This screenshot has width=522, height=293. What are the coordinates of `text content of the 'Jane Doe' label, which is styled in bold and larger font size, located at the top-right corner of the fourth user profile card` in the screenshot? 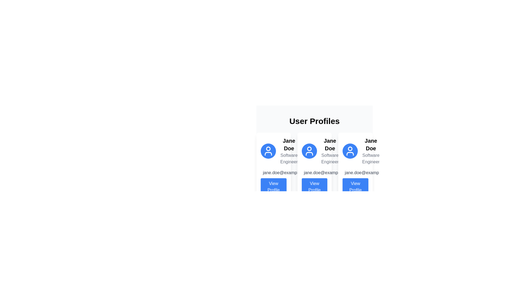 It's located at (371, 144).